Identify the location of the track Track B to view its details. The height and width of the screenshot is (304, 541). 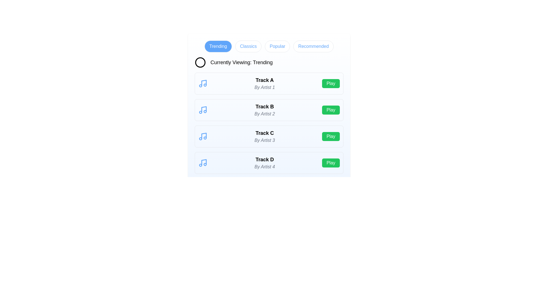
(264, 110).